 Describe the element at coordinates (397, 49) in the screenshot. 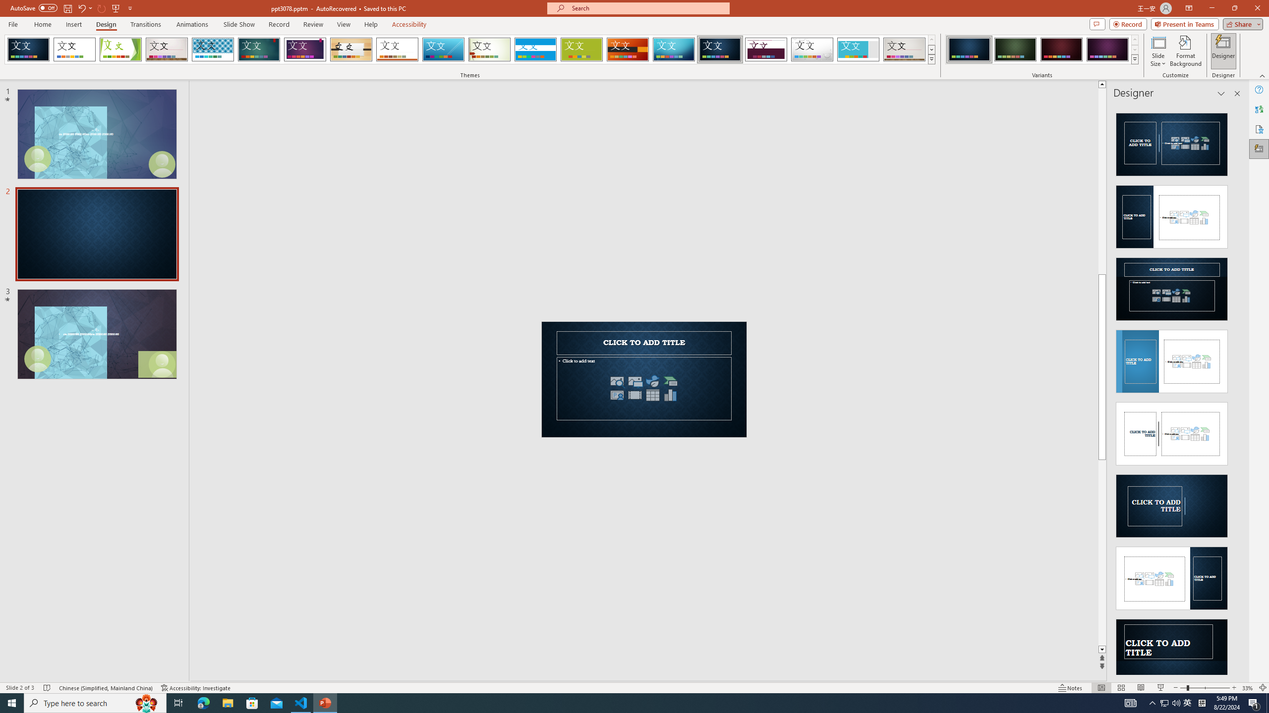

I see `'Retrospect'` at that location.